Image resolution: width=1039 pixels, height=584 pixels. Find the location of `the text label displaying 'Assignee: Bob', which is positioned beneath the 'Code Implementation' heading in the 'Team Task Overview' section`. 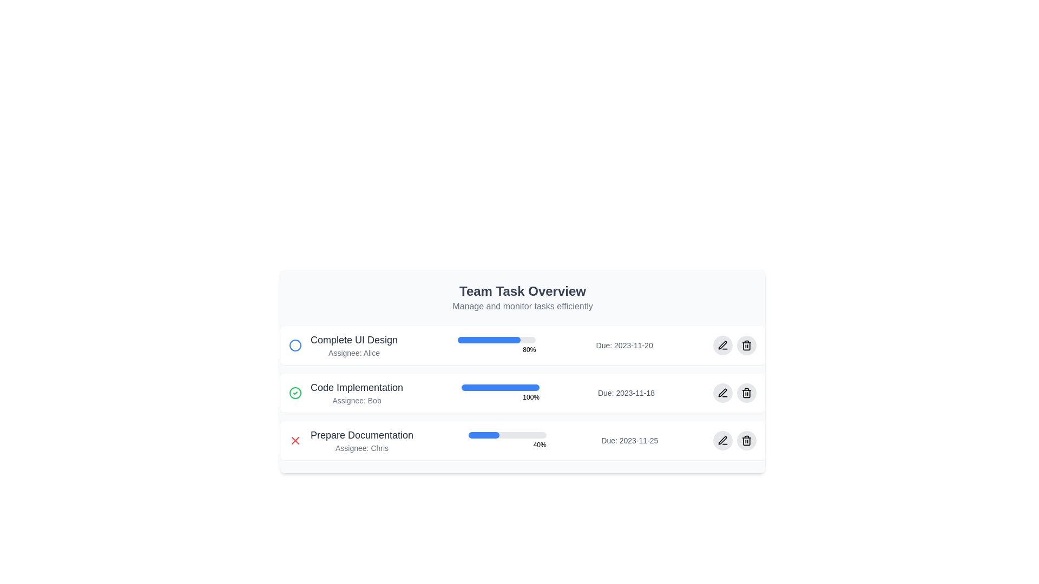

the text label displaying 'Assignee: Bob', which is positioned beneath the 'Code Implementation' heading in the 'Team Task Overview' section is located at coordinates (357, 400).